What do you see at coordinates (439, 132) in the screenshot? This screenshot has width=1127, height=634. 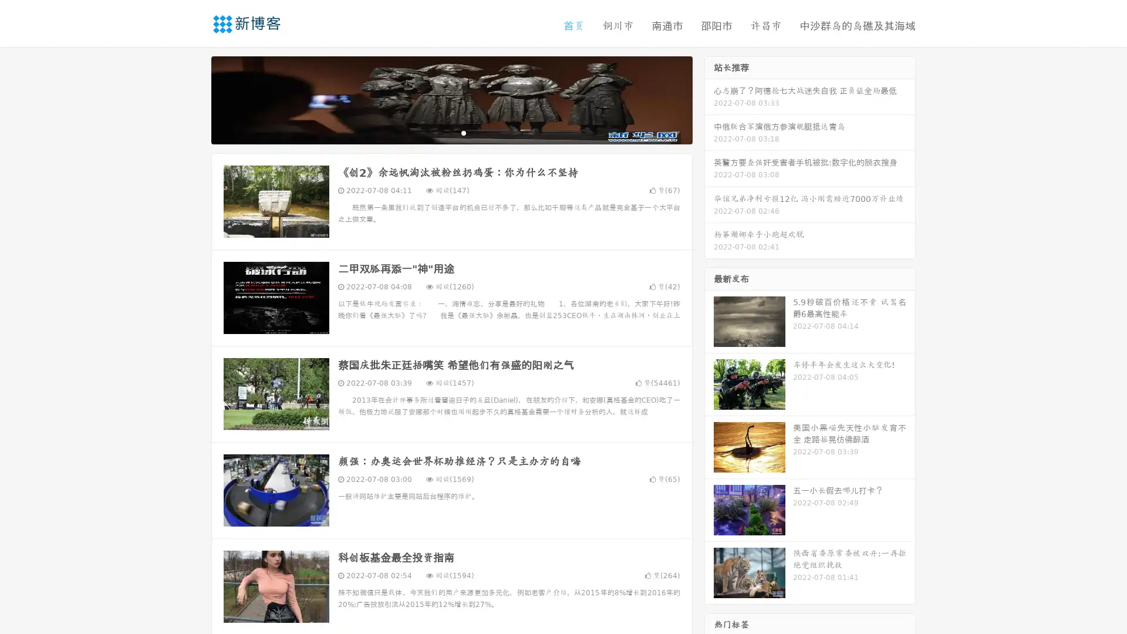 I see `Go to slide 1` at bounding box center [439, 132].